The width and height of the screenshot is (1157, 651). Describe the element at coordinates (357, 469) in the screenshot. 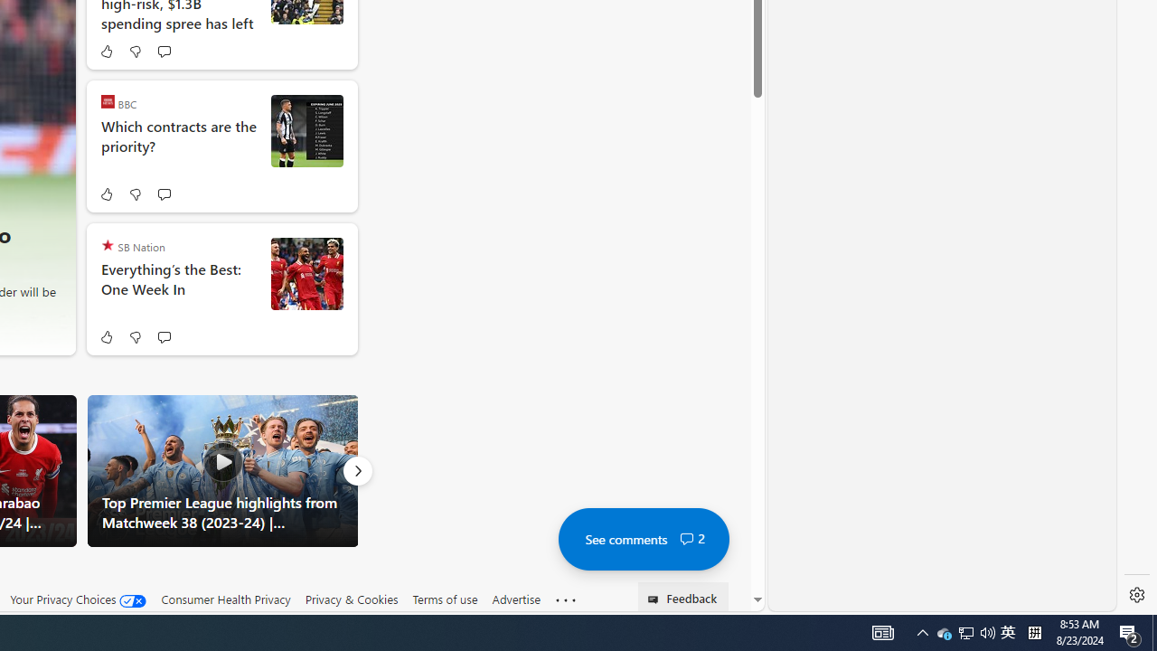

I see `'Next'` at that location.